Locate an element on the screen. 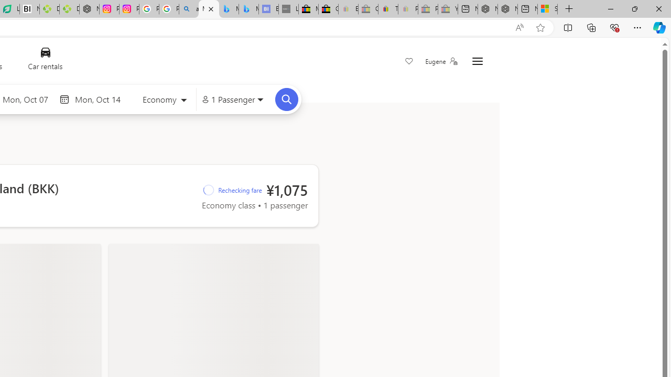 This screenshot has height=377, width=671. 'Threats and offensive language policy | eBay' is located at coordinates (387, 9).